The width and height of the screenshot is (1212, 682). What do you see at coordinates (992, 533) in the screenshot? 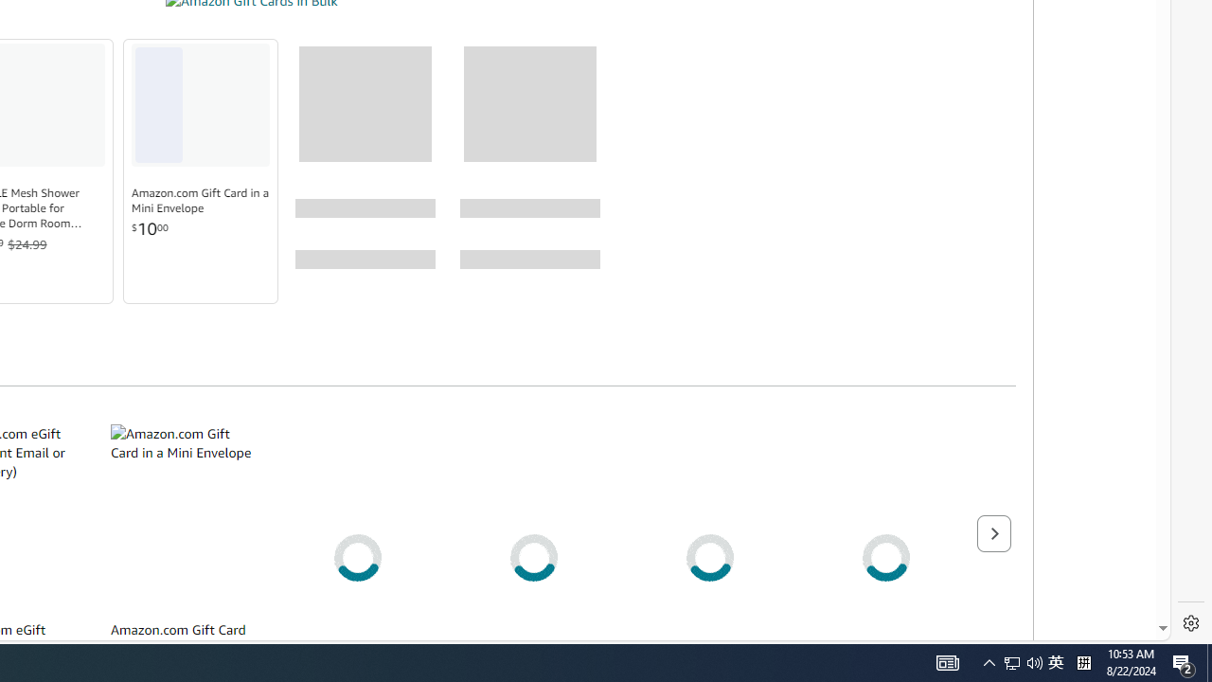
I see `'Next page'` at bounding box center [992, 533].